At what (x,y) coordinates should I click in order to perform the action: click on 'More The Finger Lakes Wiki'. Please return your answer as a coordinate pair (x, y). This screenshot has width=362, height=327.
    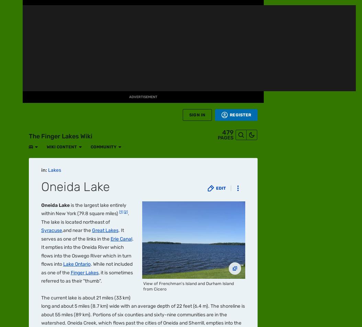
    Looking at the image, I should click on (73, 46).